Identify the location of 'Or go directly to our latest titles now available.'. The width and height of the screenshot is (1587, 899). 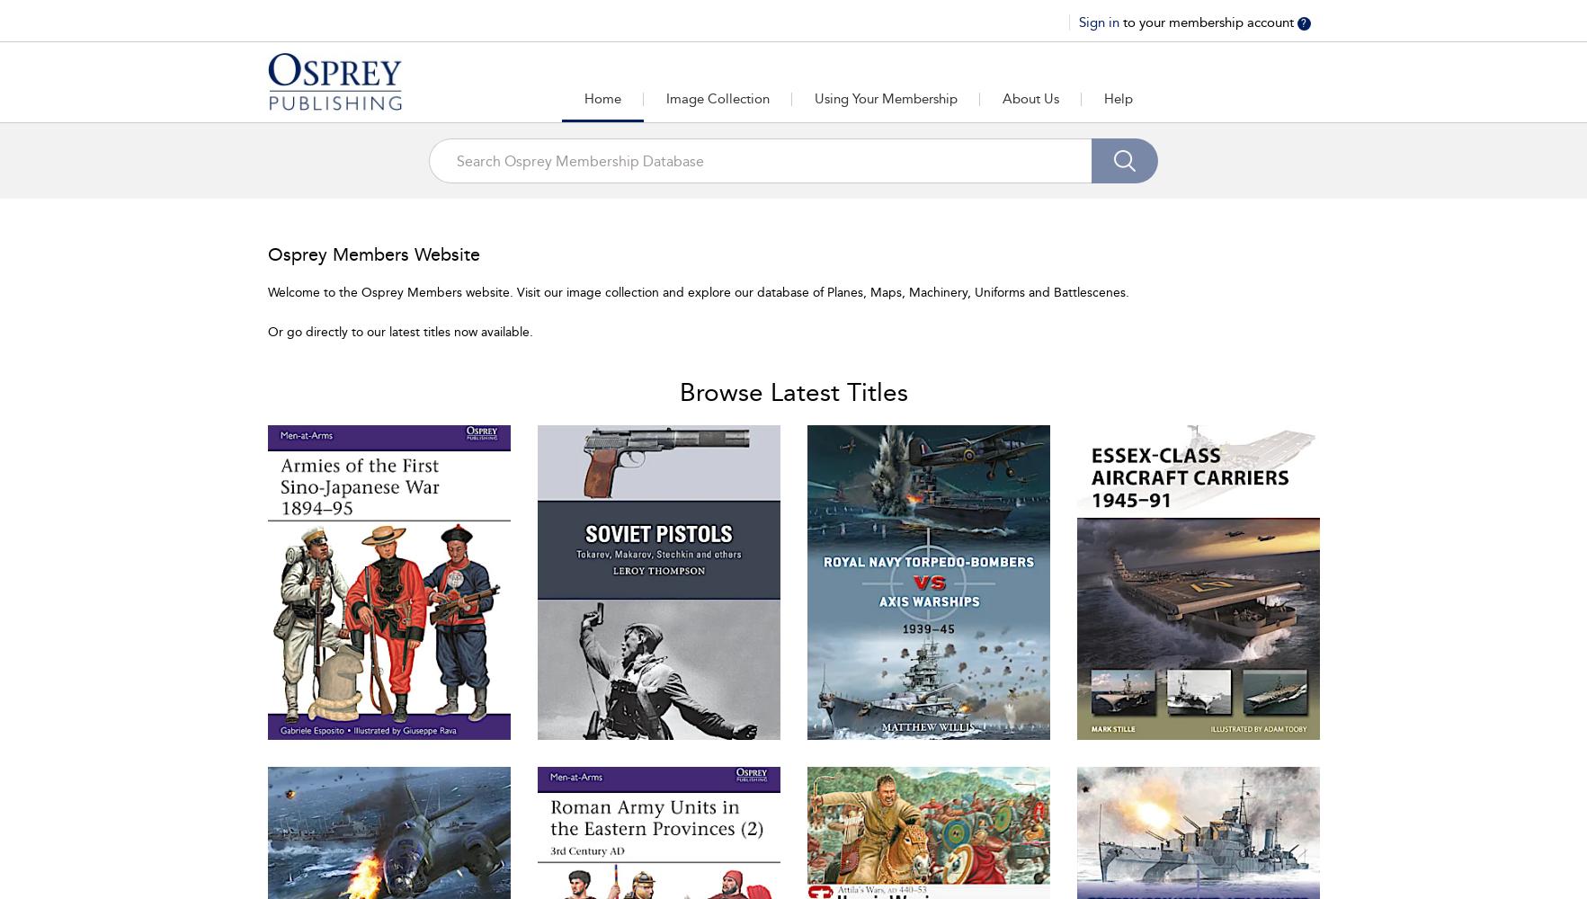
(398, 331).